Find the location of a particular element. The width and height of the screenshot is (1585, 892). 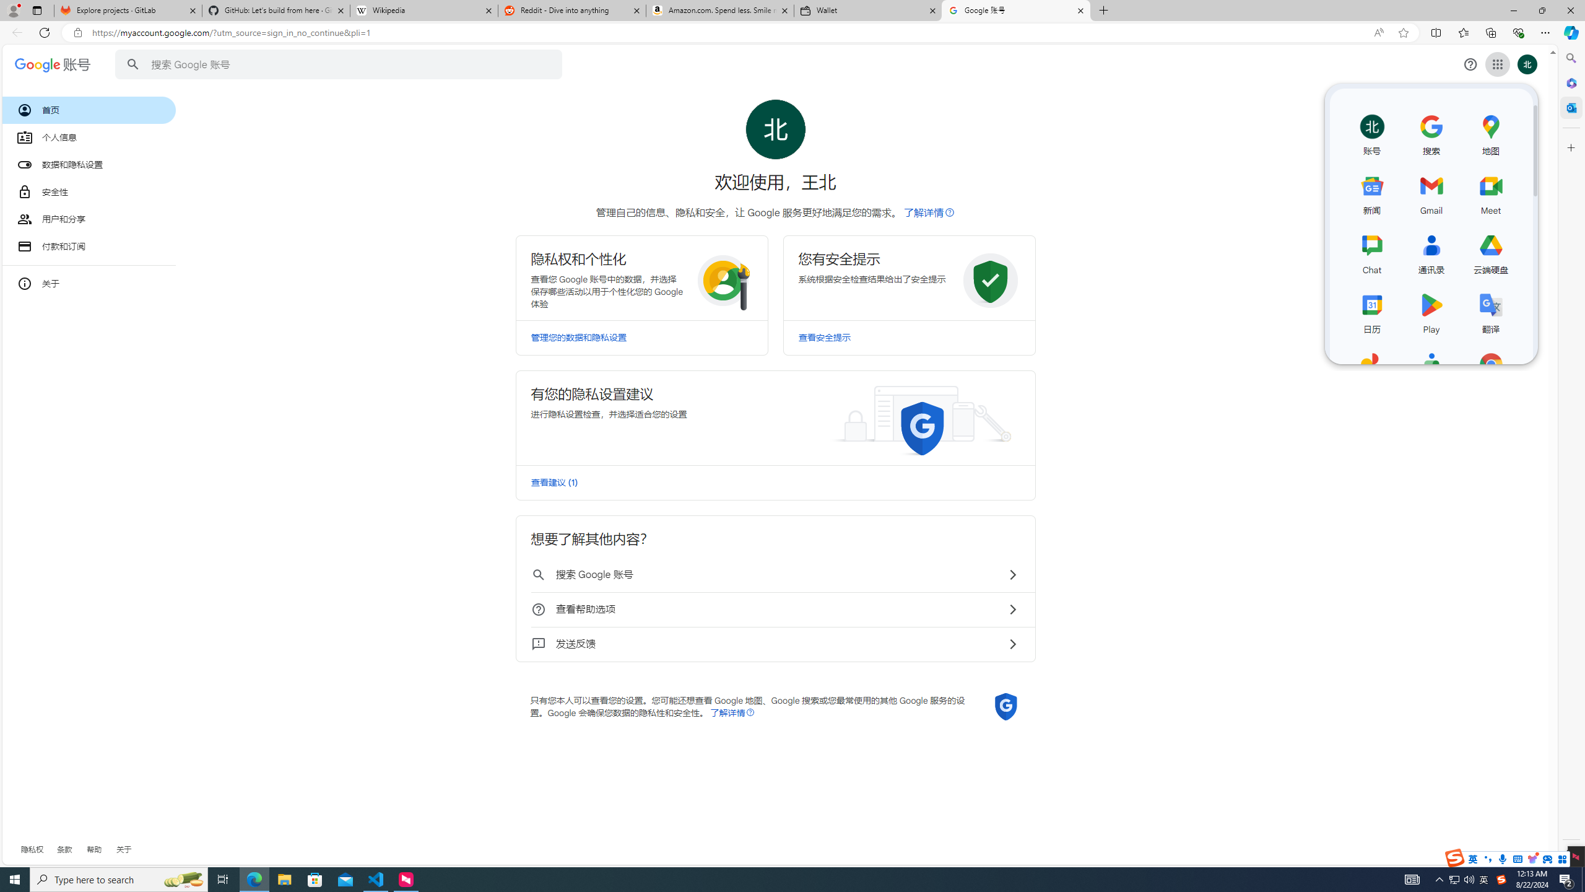

'Class: gb_E' is located at coordinates (1497, 64).